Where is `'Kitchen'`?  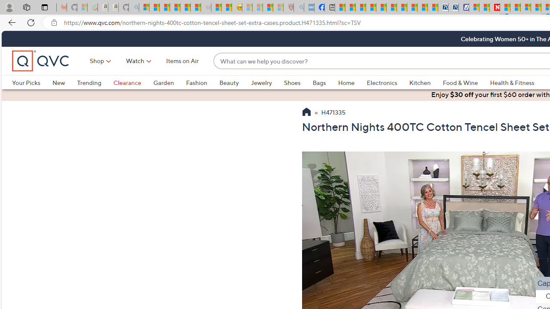
'Kitchen' is located at coordinates (426, 82).